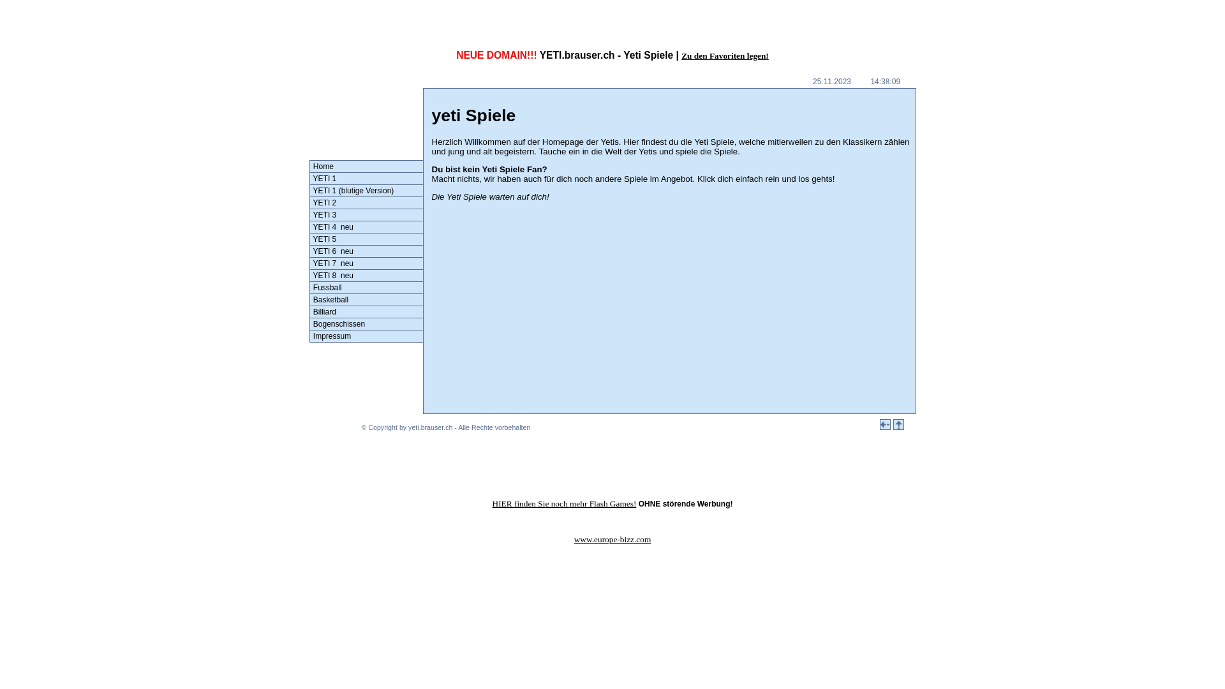  Describe the element at coordinates (612, 539) in the screenshot. I see `'www.europe-bizz.com'` at that location.